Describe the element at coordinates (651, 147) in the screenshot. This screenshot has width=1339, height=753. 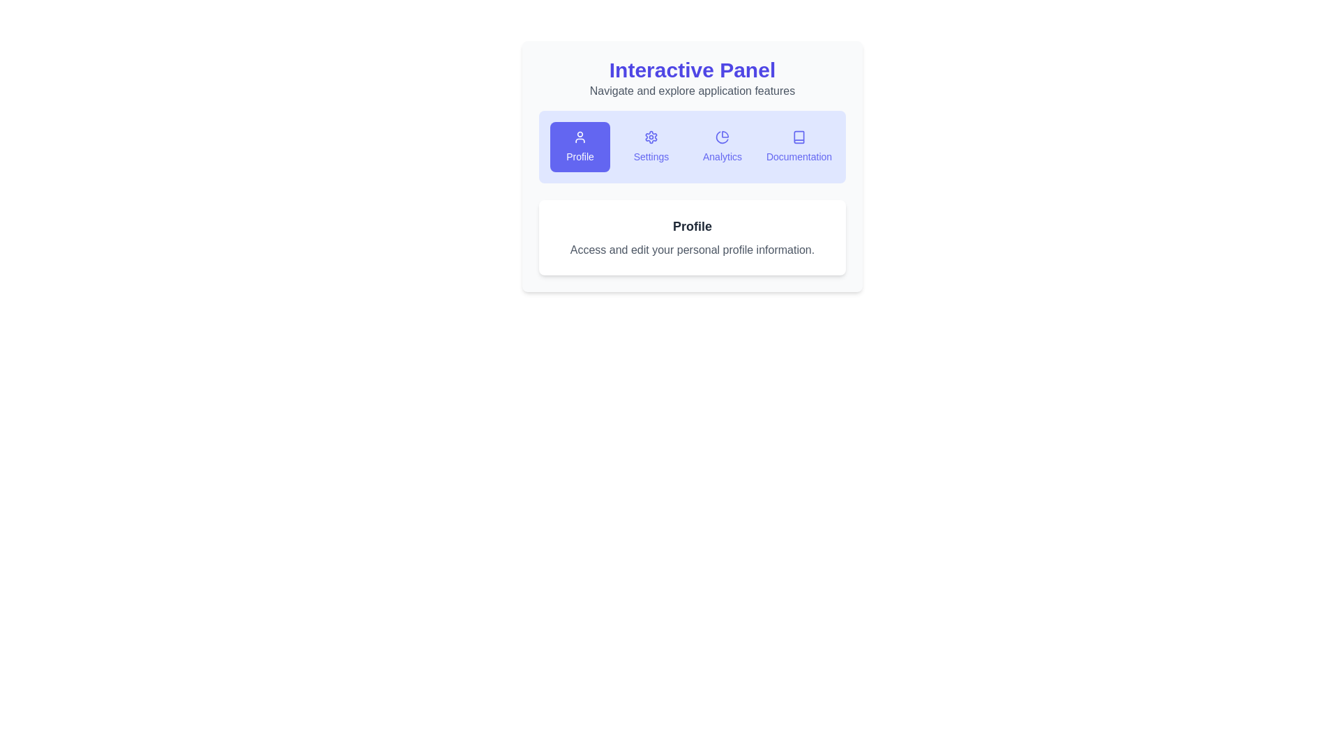
I see `the 'Settings' button, which is the second button in a group of four, to observe the hover effect` at that location.